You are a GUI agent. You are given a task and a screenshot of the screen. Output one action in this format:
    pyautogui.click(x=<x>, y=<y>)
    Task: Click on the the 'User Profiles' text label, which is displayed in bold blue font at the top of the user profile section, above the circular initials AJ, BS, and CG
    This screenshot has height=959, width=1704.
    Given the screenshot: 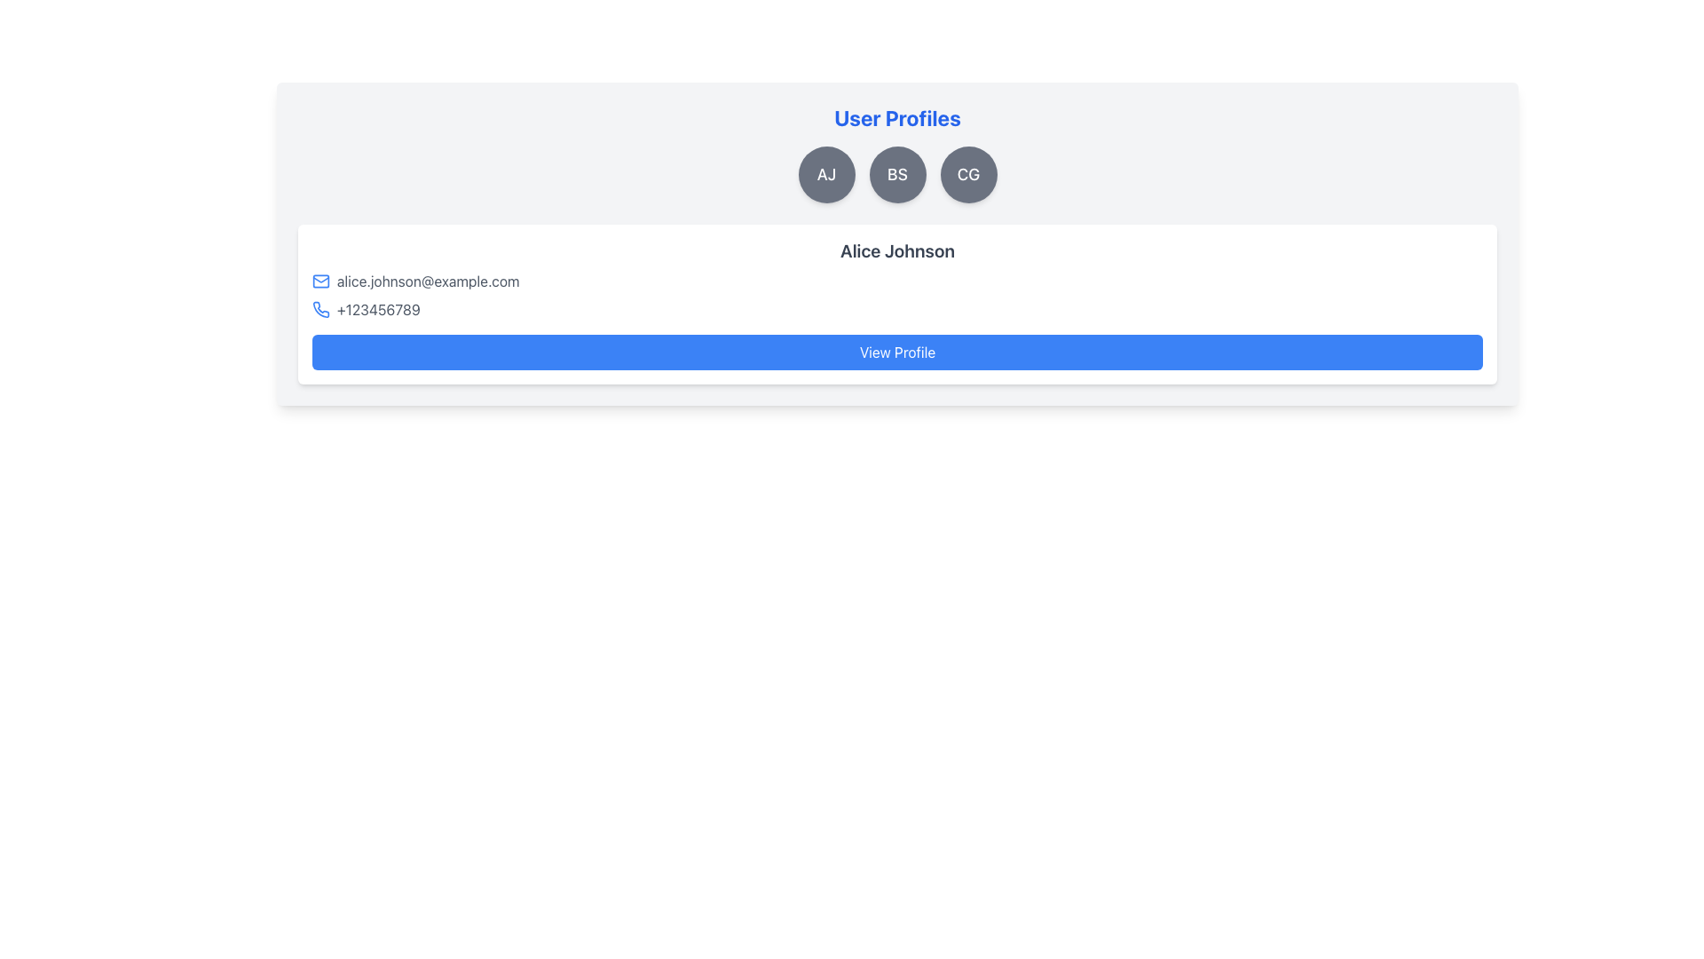 What is the action you would take?
    pyautogui.click(x=897, y=117)
    